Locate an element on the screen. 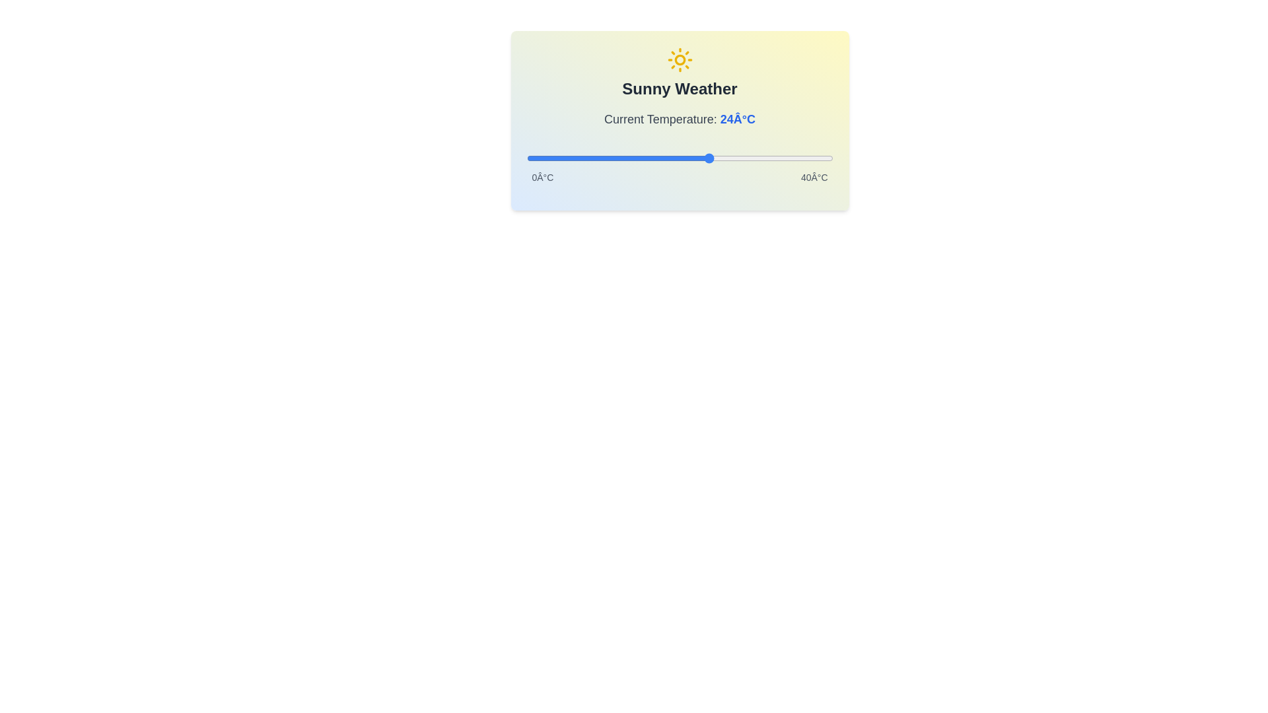  the temperature is located at coordinates (741, 157).